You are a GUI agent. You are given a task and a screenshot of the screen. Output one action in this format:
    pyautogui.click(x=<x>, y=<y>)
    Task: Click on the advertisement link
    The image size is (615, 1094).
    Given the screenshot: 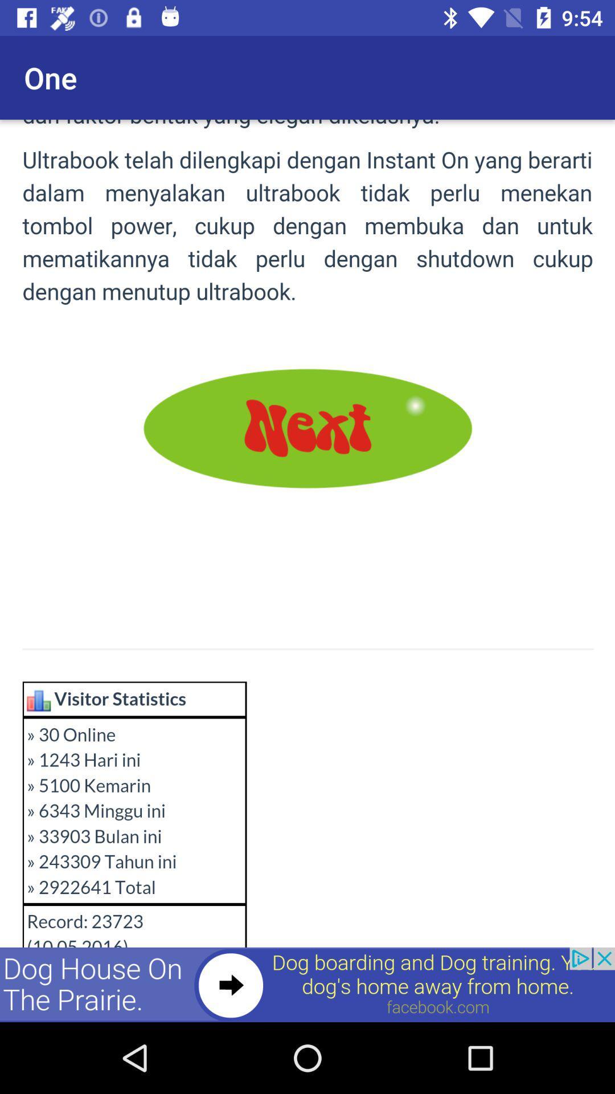 What is the action you would take?
    pyautogui.click(x=307, y=984)
    